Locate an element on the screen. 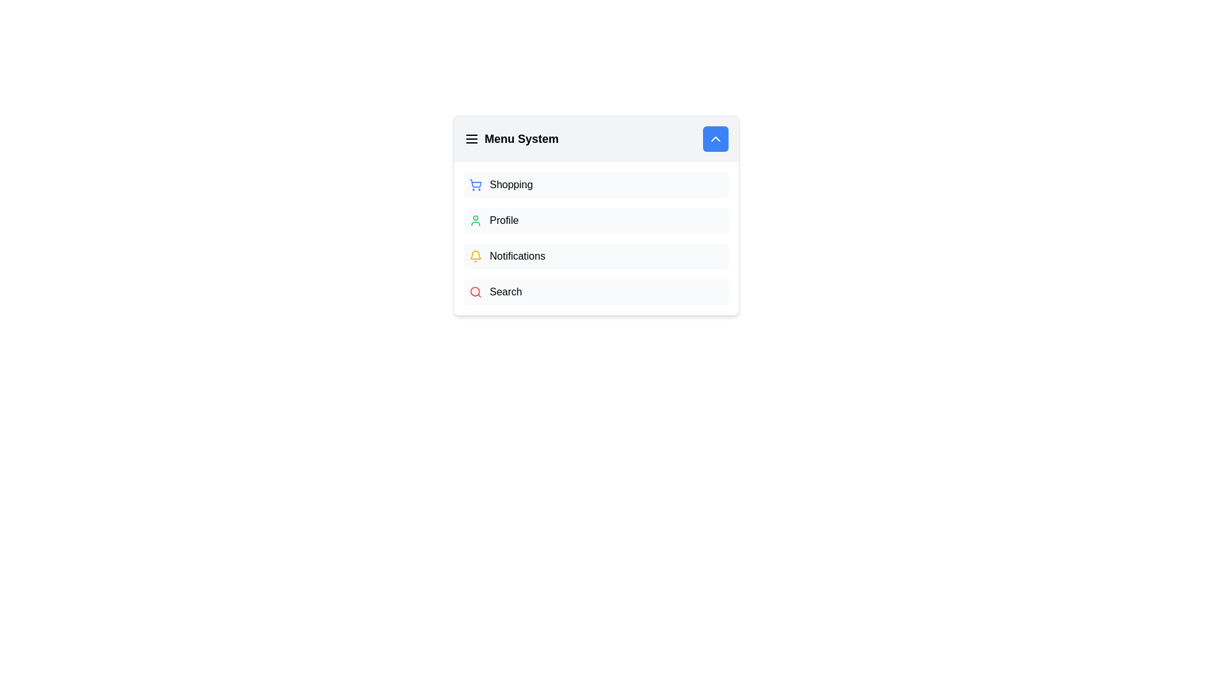 The image size is (1226, 689). the 'Shopping' menu option text label that is aligned to the right of the shopping cart icon, which is the first entry in the vertical list of menu items is located at coordinates (511, 184).